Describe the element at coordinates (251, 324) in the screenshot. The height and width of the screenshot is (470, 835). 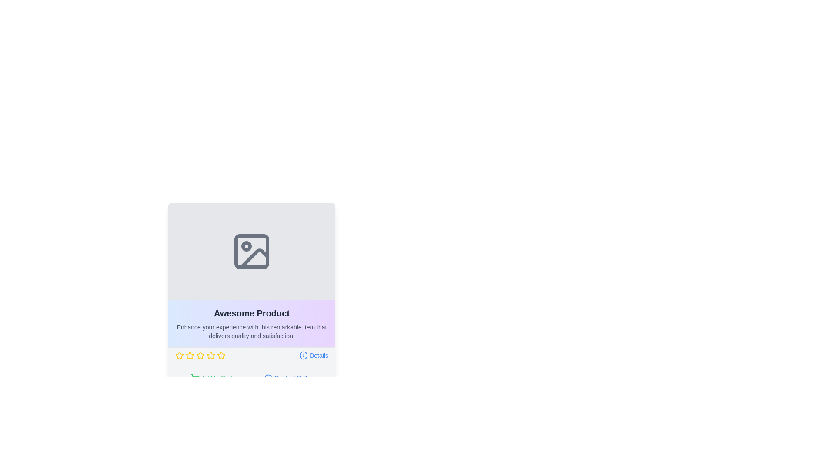
I see `Text Block containing 'Awesome Product' with descriptive information located below the placeholder image, centered above the 'Details' link and star ratings` at that location.